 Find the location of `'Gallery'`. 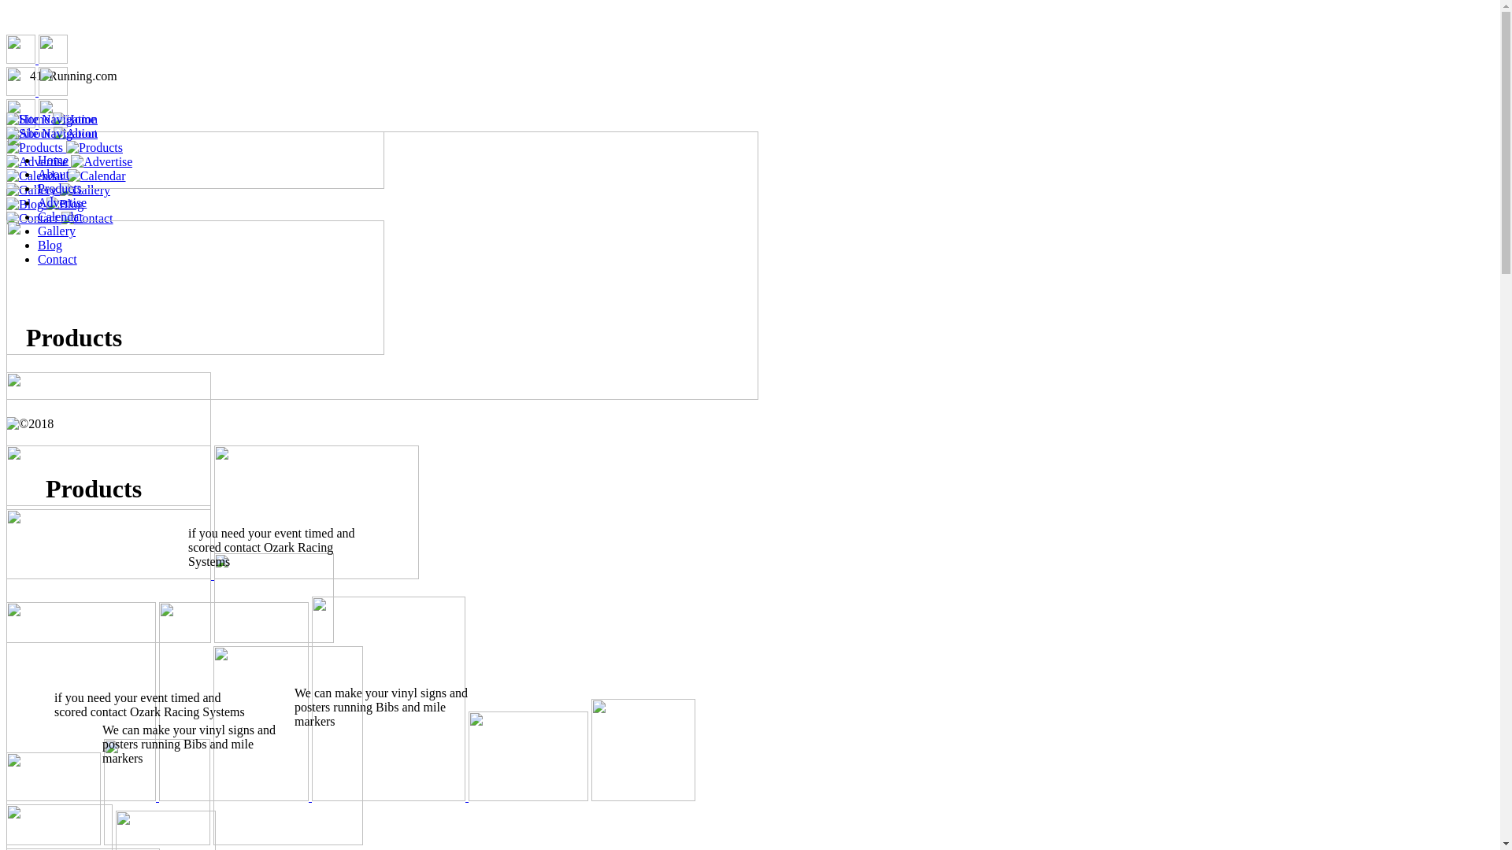

'Gallery' is located at coordinates (57, 231).